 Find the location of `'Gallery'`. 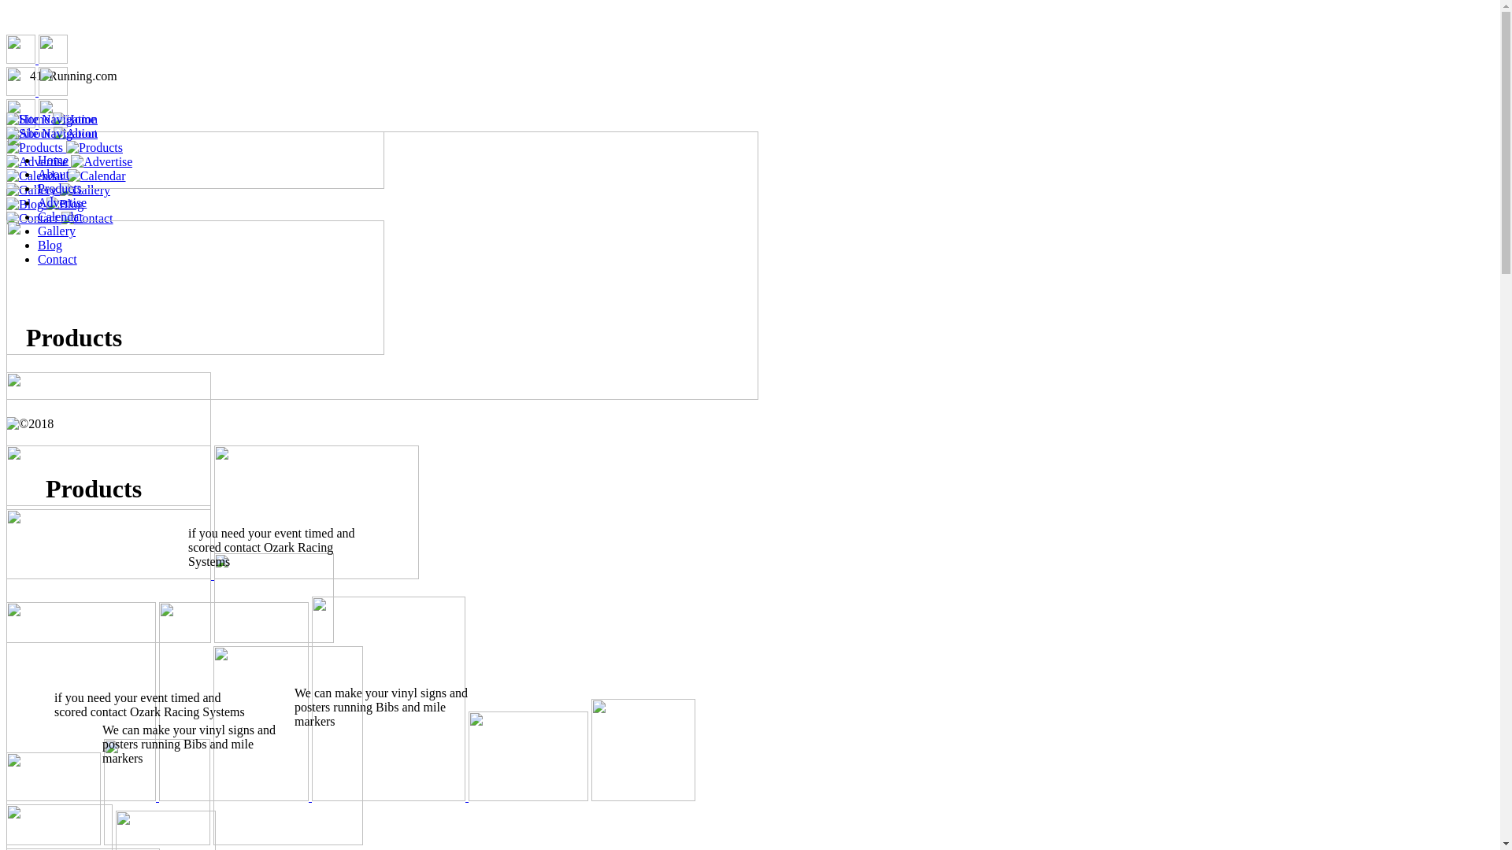

'Gallery' is located at coordinates (57, 231).